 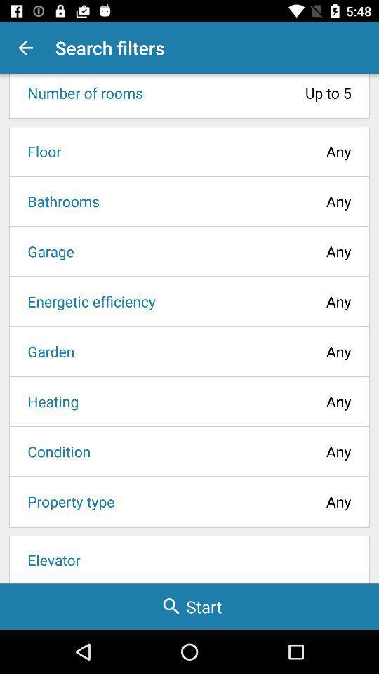 I want to click on the item above the energetic efficiency item, so click(x=46, y=251).